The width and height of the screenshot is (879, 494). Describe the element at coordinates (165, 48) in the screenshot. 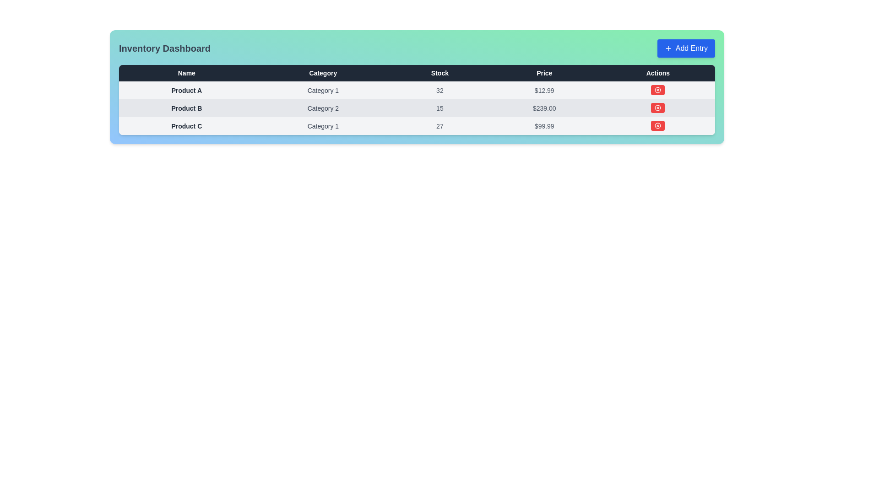

I see `the Static Text element that serves as a title or heading for the interface, located at the top-left corner before the 'Add Entry' button` at that location.